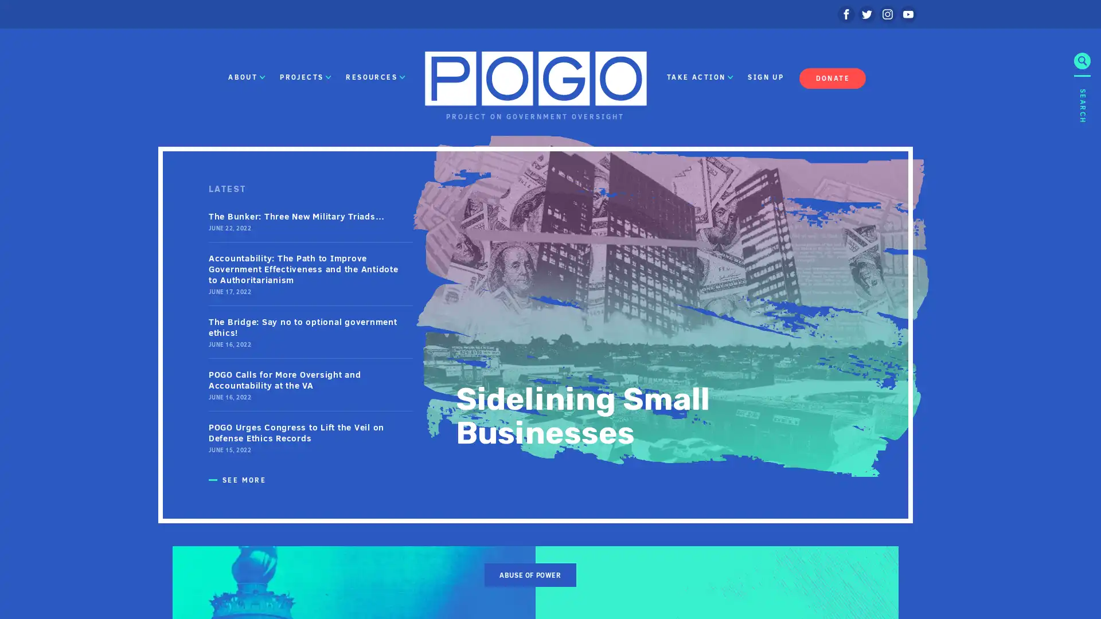  What do you see at coordinates (699, 77) in the screenshot?
I see `TAKE ACTION` at bounding box center [699, 77].